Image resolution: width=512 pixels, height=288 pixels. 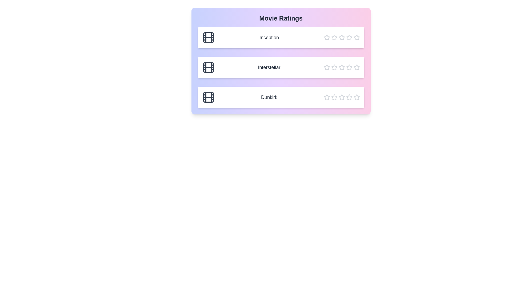 What do you see at coordinates (326, 37) in the screenshot?
I see `the star corresponding to the rating 1` at bounding box center [326, 37].